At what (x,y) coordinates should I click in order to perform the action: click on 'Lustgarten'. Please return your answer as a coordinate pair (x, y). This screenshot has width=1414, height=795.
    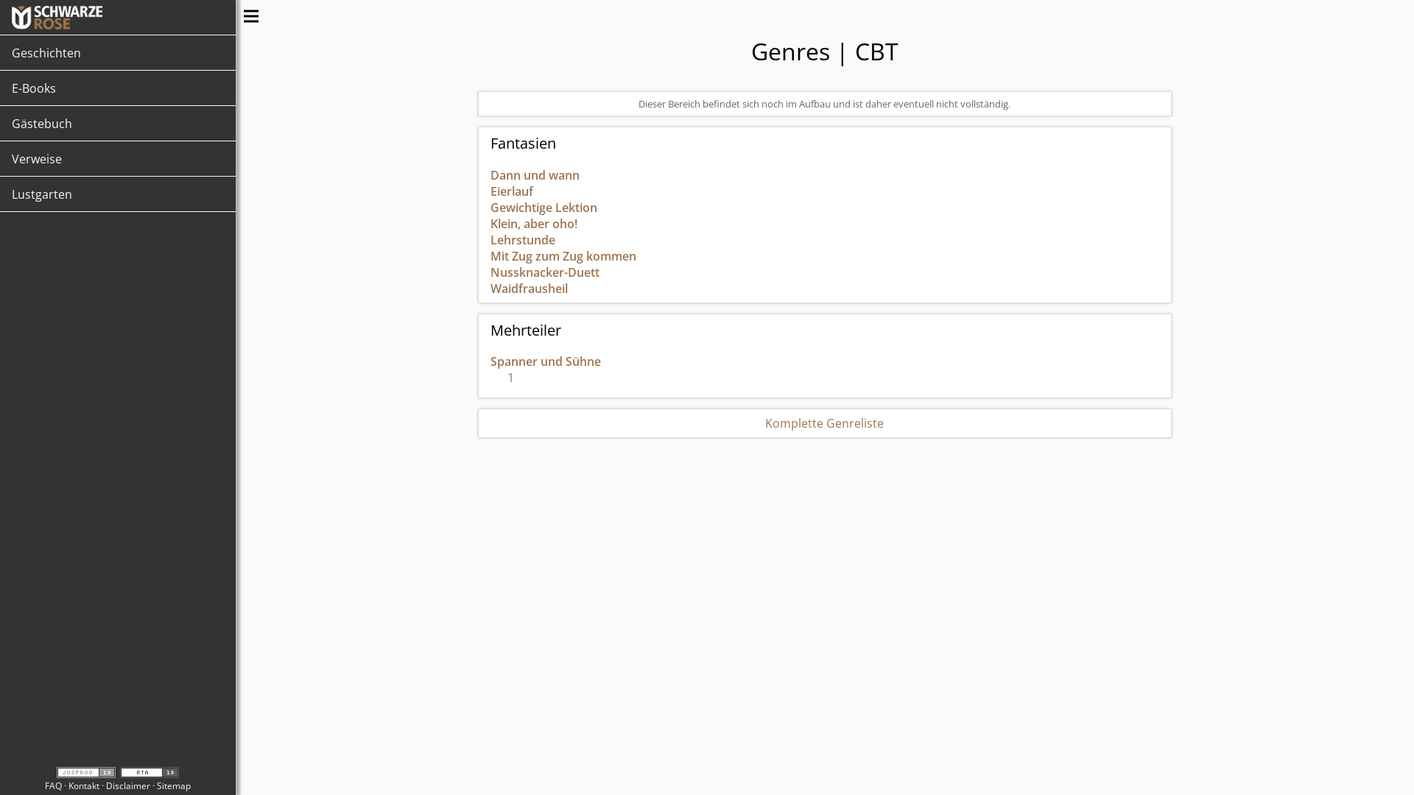
    Looking at the image, I should click on (116, 193).